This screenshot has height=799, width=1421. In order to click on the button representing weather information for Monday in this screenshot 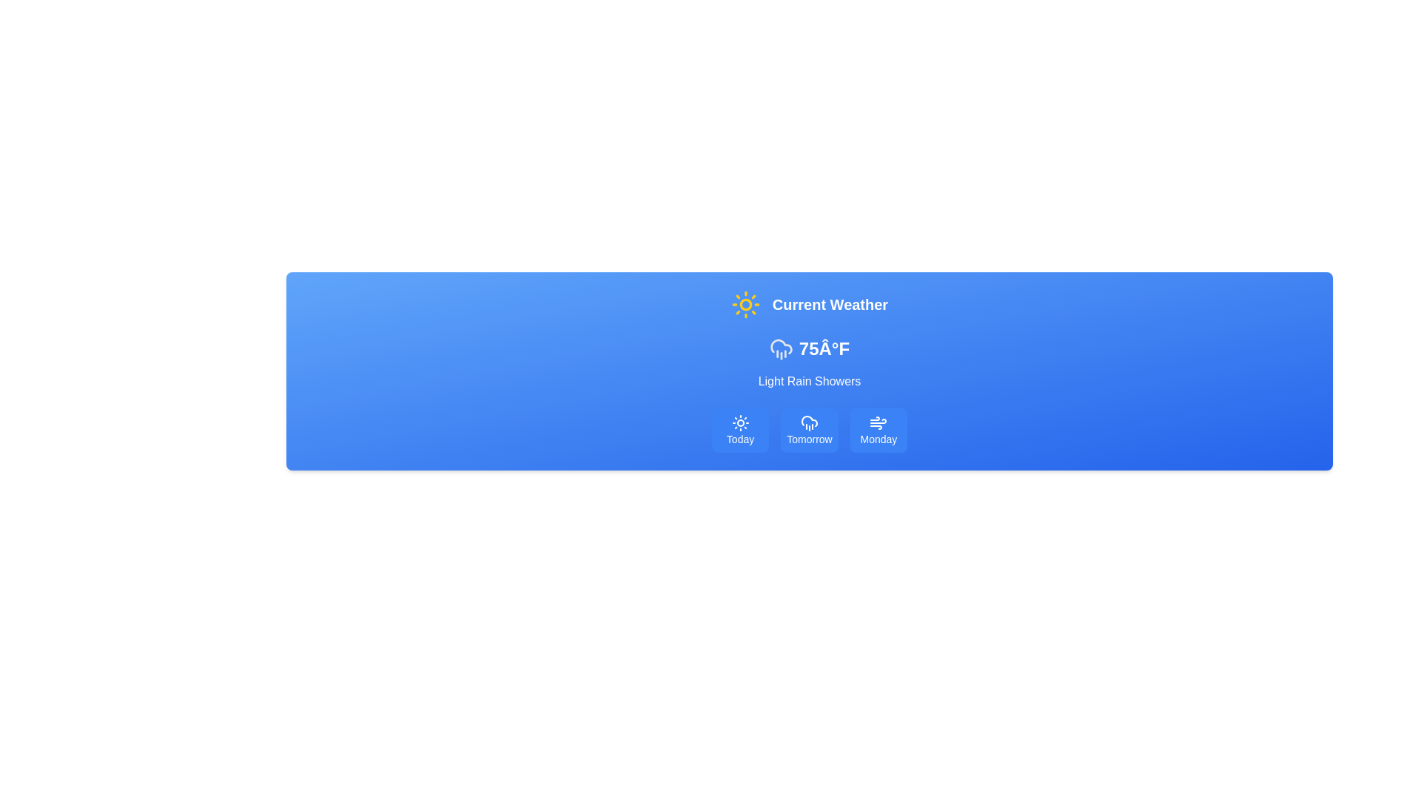, I will do `click(879, 431)`.